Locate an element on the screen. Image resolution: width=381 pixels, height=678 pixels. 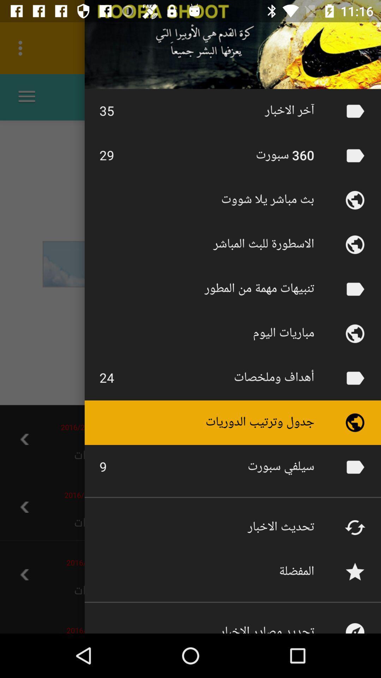
fourth icon from the top is located at coordinates (355, 244).